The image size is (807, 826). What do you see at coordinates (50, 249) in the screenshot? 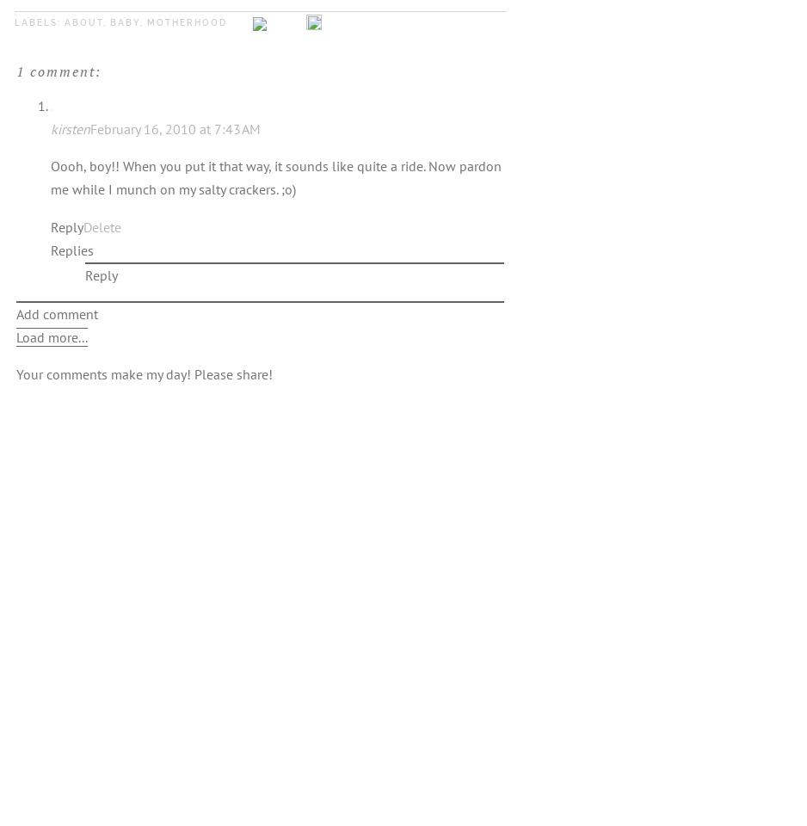
I see `'Replies'` at bounding box center [50, 249].